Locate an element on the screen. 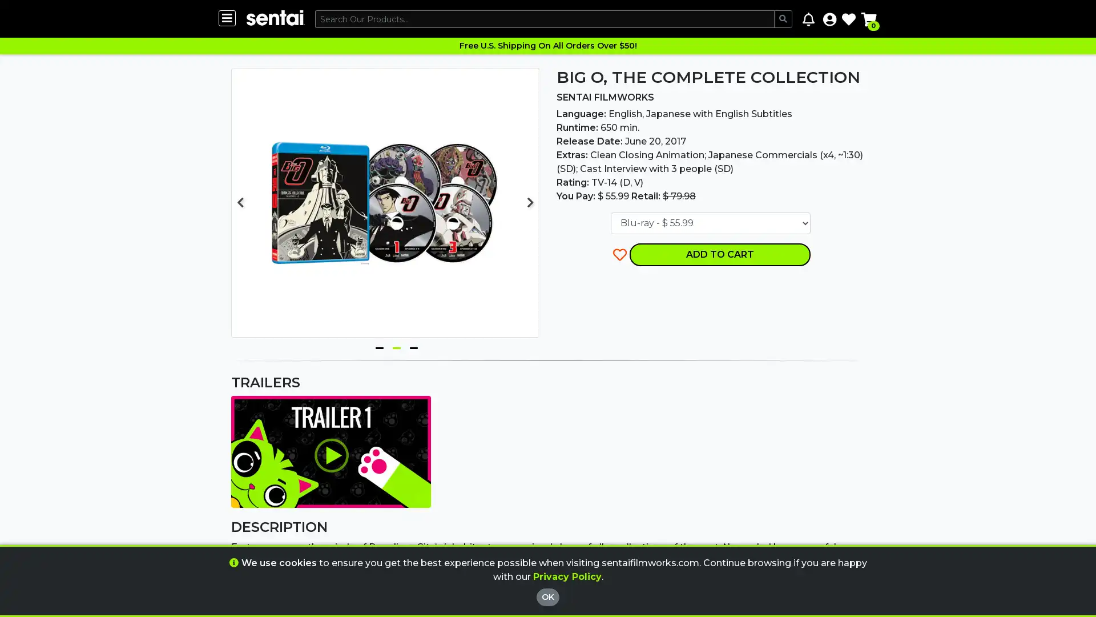  Previous is located at coordinates (240, 202).